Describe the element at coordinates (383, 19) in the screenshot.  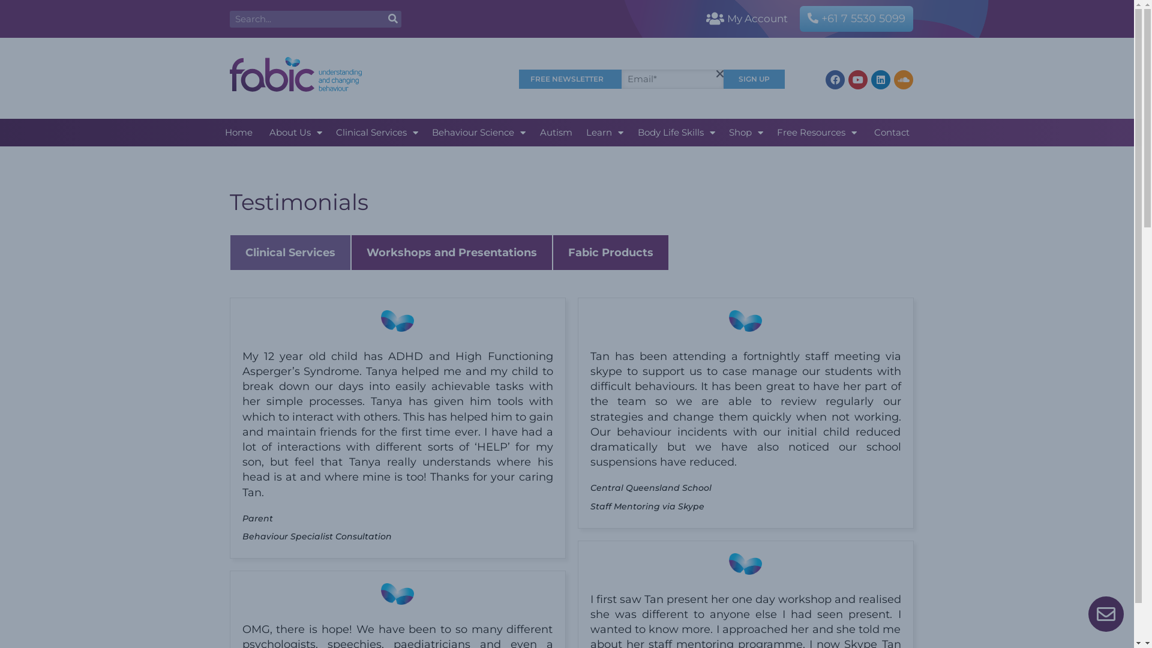
I see `'SEARCH'` at that location.